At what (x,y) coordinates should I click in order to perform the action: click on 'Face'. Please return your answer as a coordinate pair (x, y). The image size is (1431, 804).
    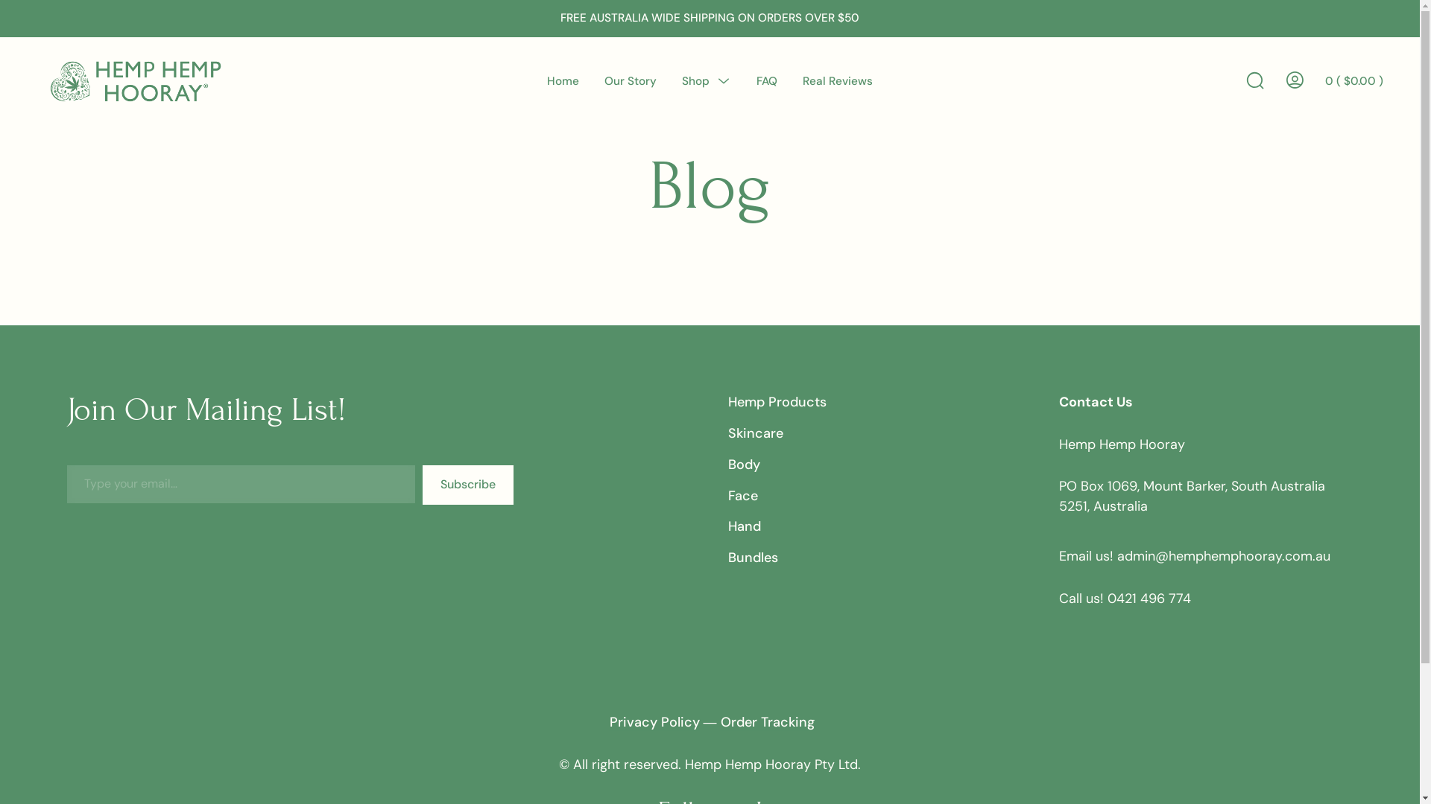
    Looking at the image, I should click on (743, 496).